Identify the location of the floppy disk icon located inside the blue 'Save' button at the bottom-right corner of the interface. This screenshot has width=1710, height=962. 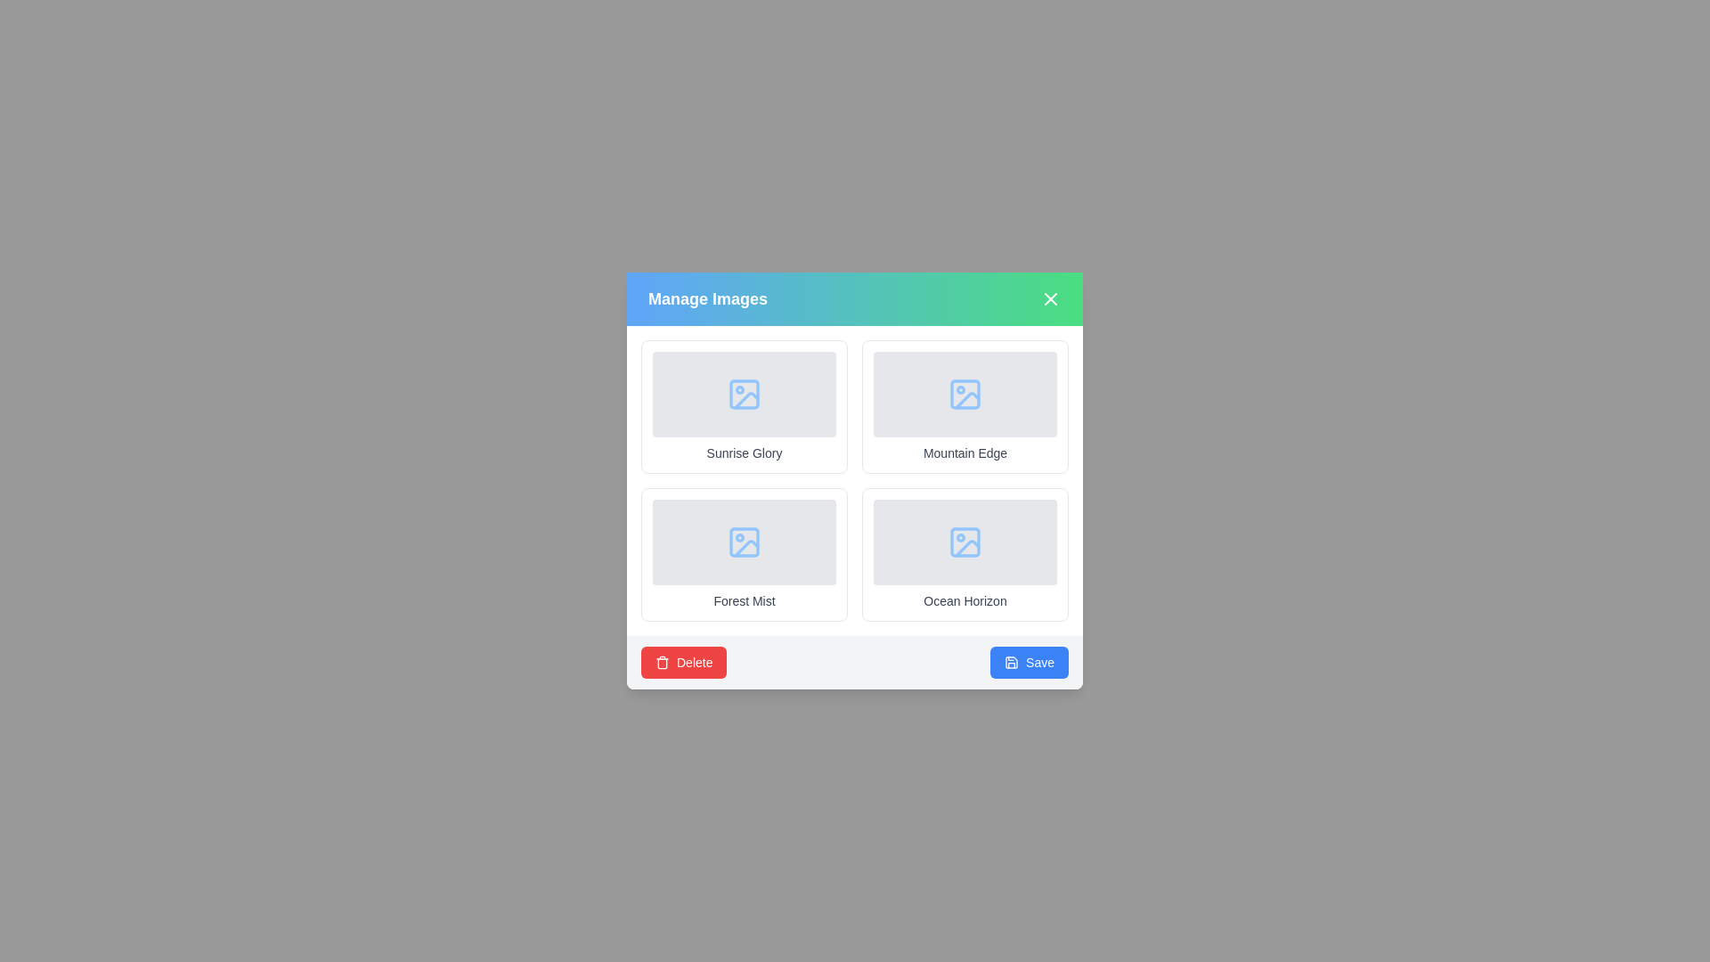
(1012, 663).